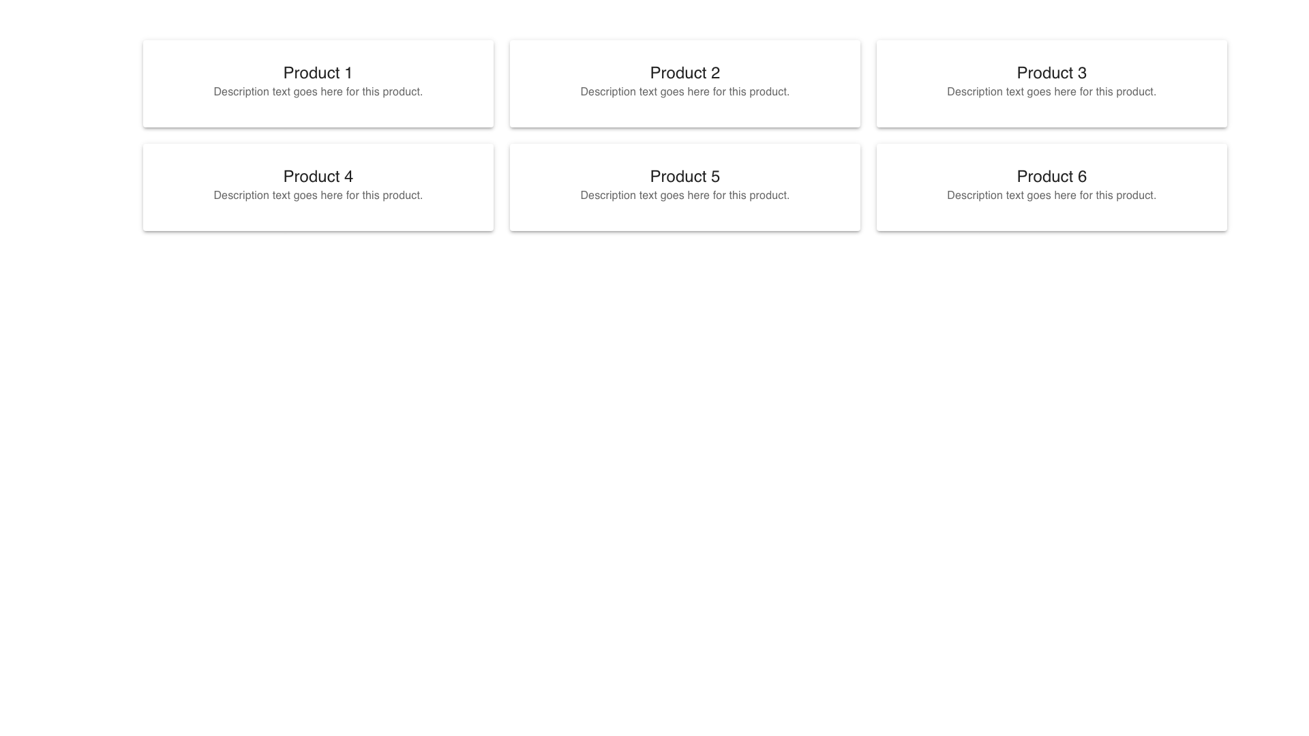  What do you see at coordinates (1051, 92) in the screenshot?
I see `the text label displaying 'Description text goes here for this product.' located directly below the 'Product 3' heading in the card interface` at bounding box center [1051, 92].